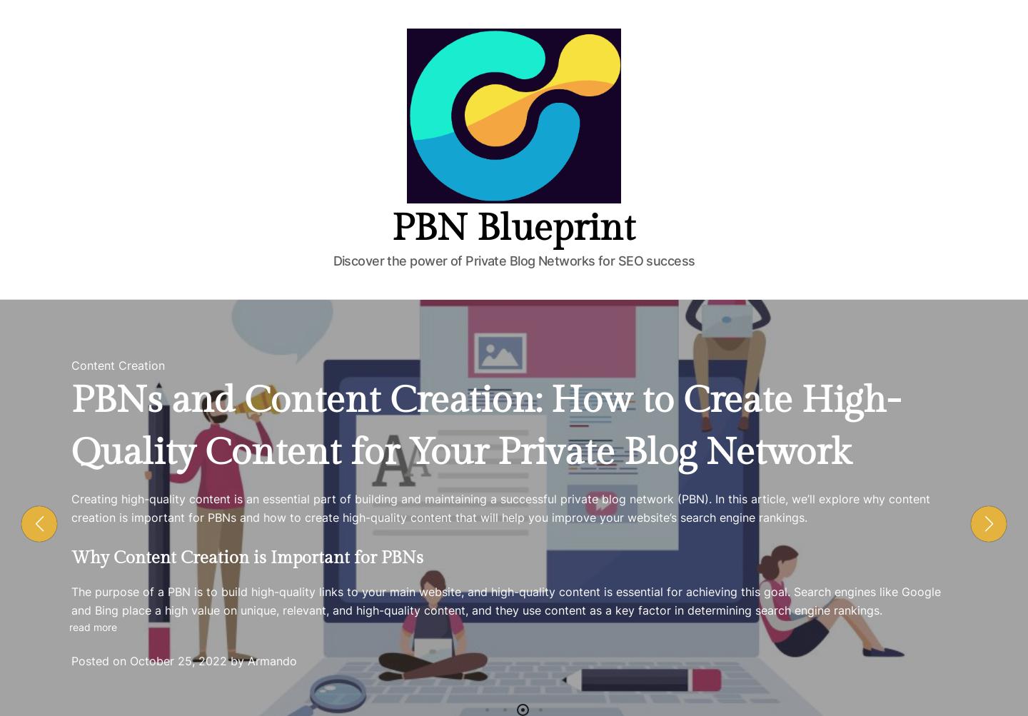  Describe the element at coordinates (508, 670) in the screenshot. I see `'Leave a Comment'` at that location.